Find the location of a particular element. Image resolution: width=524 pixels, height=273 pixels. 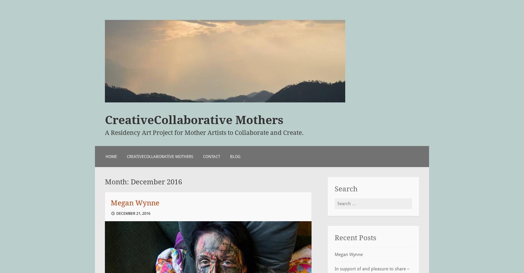

'HOME' is located at coordinates (111, 156).